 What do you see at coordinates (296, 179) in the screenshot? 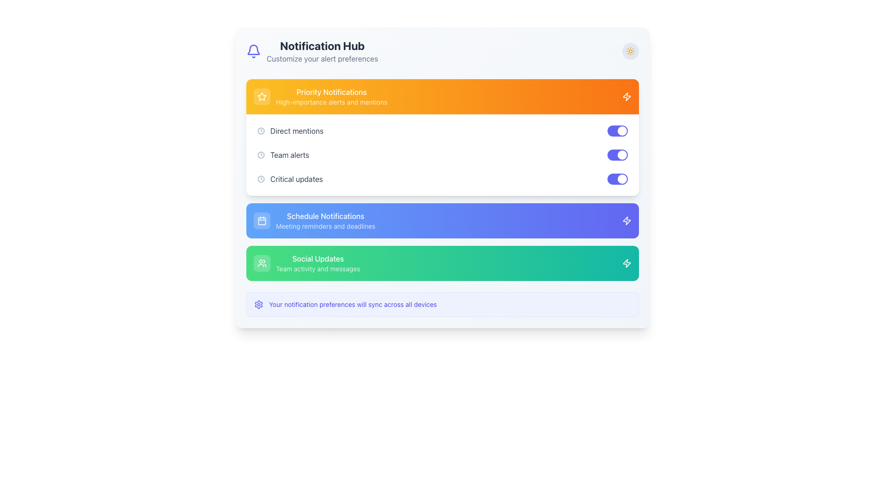
I see `the 'Critical updates' Text Label` at bounding box center [296, 179].